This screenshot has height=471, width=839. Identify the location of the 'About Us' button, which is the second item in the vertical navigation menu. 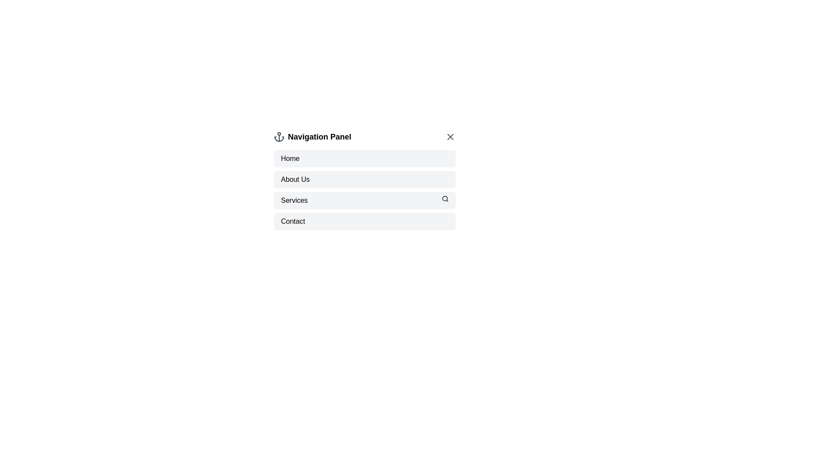
(365, 179).